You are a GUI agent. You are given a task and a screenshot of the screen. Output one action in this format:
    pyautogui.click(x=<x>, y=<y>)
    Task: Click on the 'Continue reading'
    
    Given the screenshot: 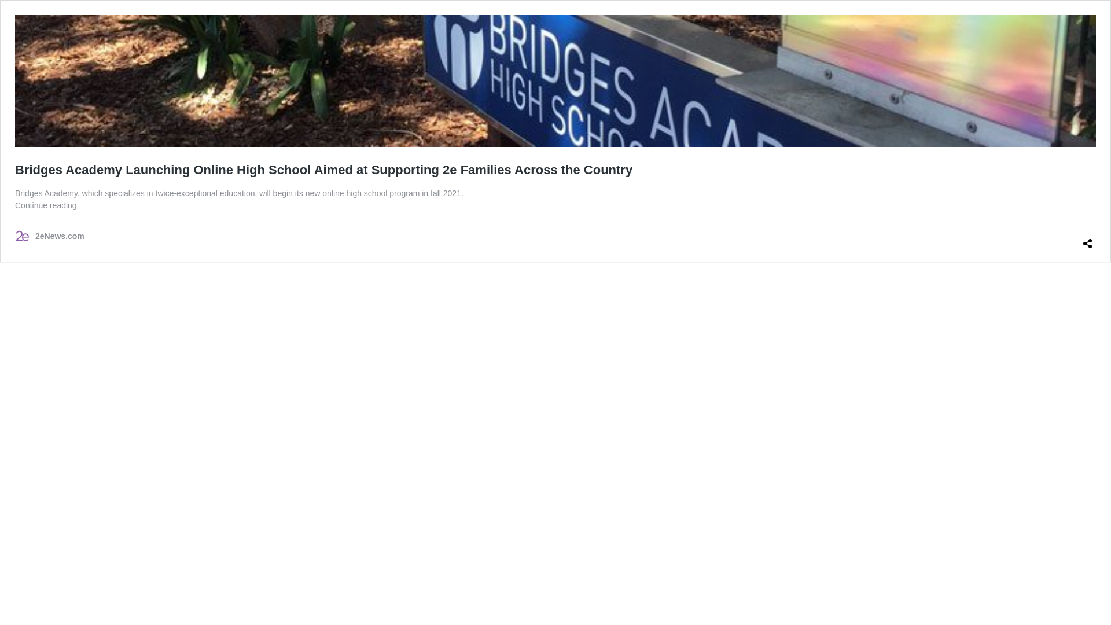 What is the action you would take?
    pyautogui.click(x=46, y=204)
    